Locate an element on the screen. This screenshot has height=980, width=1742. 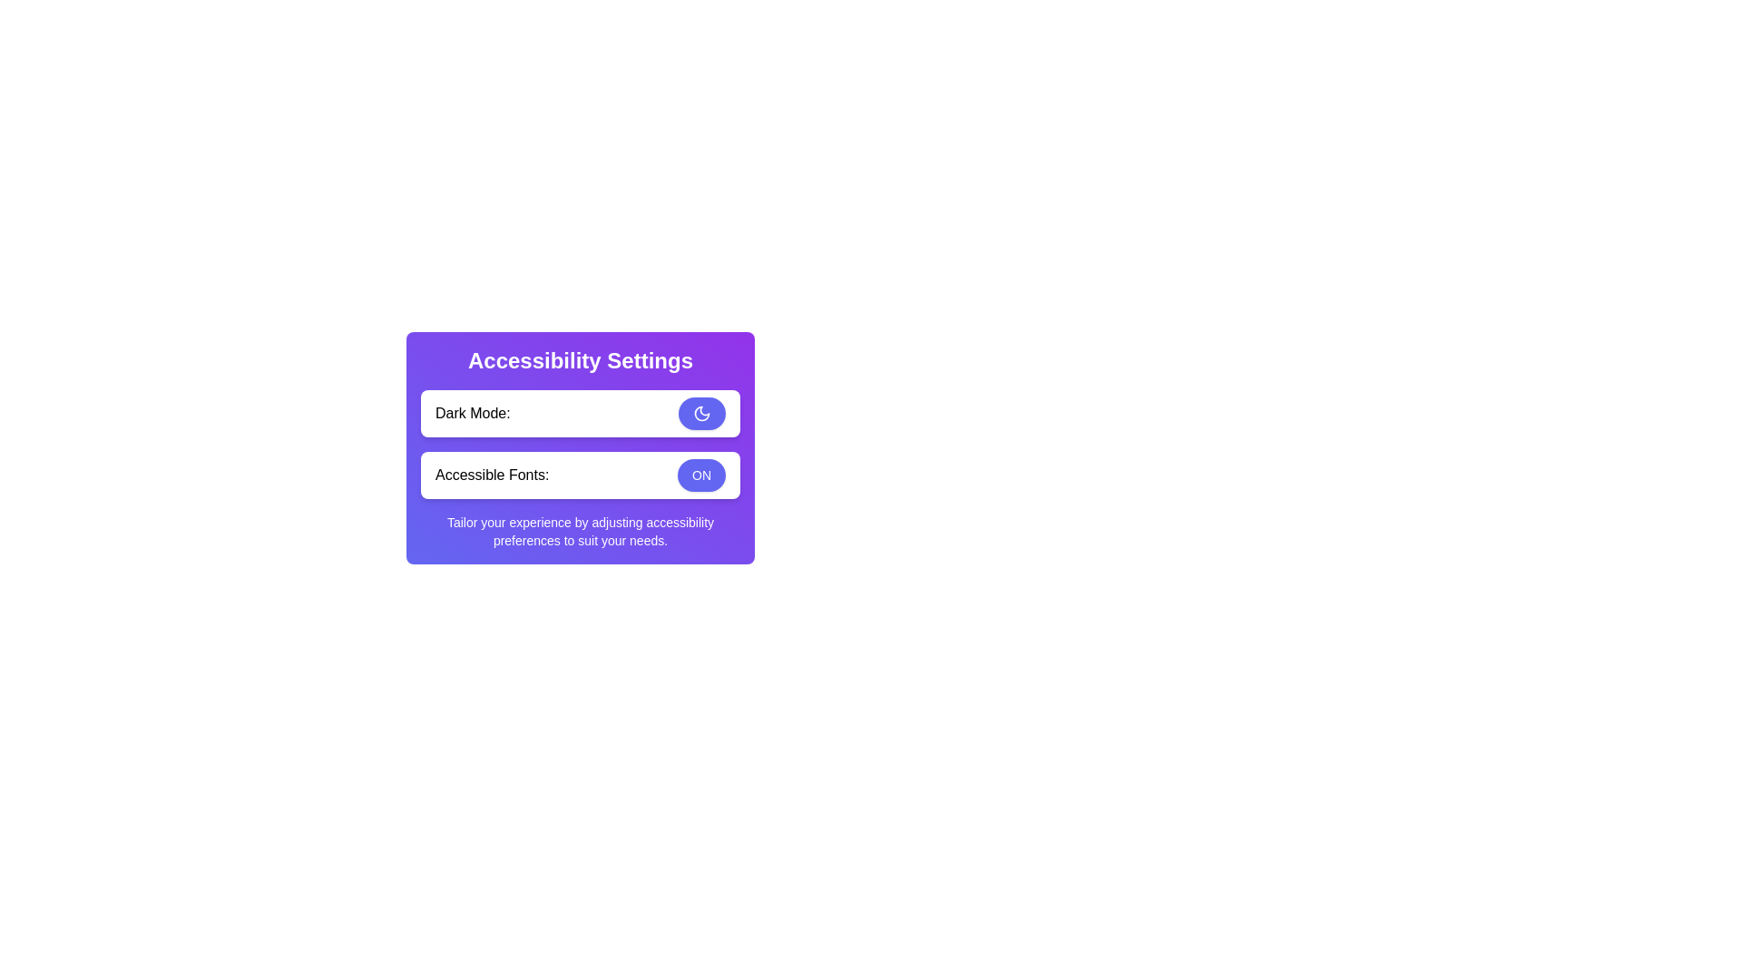
the toggle button for 'Accessible Fonts' located to the right of the label 'Accessible Fonts:' in the Accessibility Settings card is located at coordinates (700, 475).